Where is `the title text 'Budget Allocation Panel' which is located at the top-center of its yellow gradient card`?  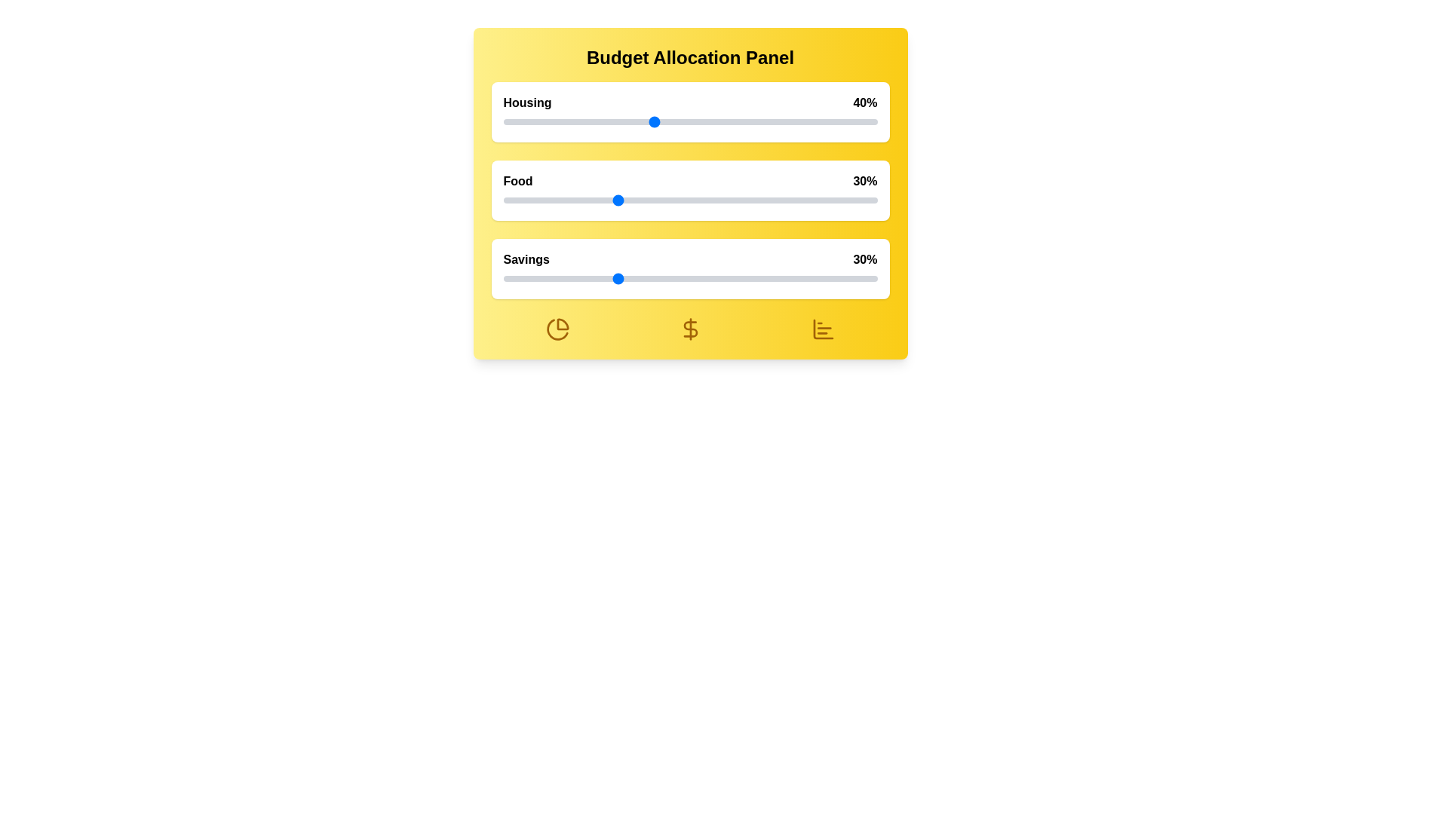 the title text 'Budget Allocation Panel' which is located at the top-center of its yellow gradient card is located at coordinates (689, 57).